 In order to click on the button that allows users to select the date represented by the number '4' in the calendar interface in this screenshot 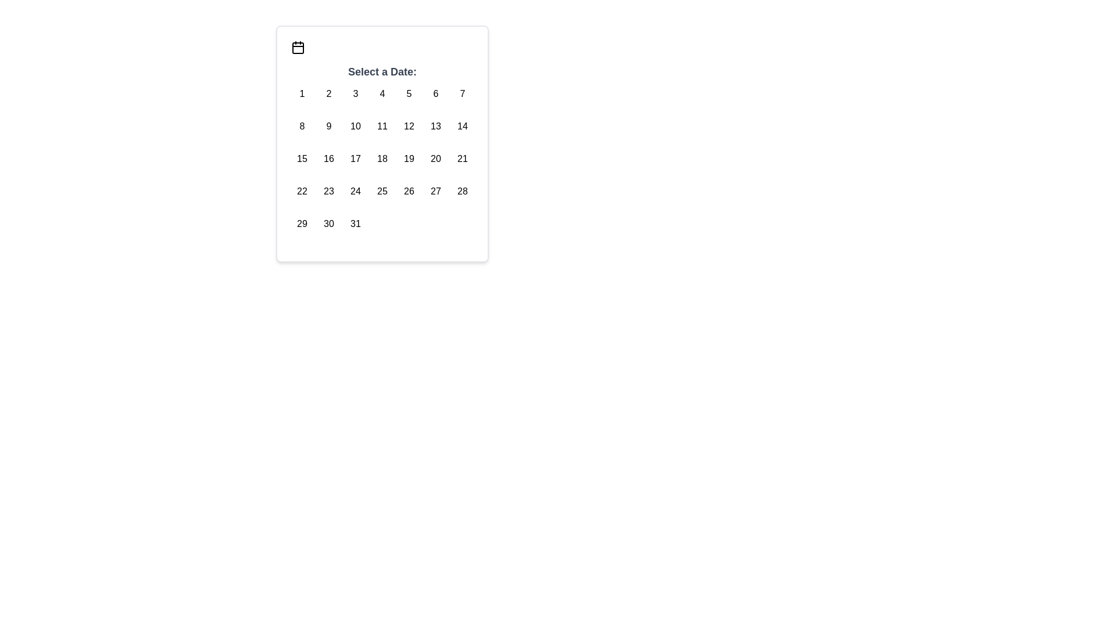, I will do `click(382, 93)`.